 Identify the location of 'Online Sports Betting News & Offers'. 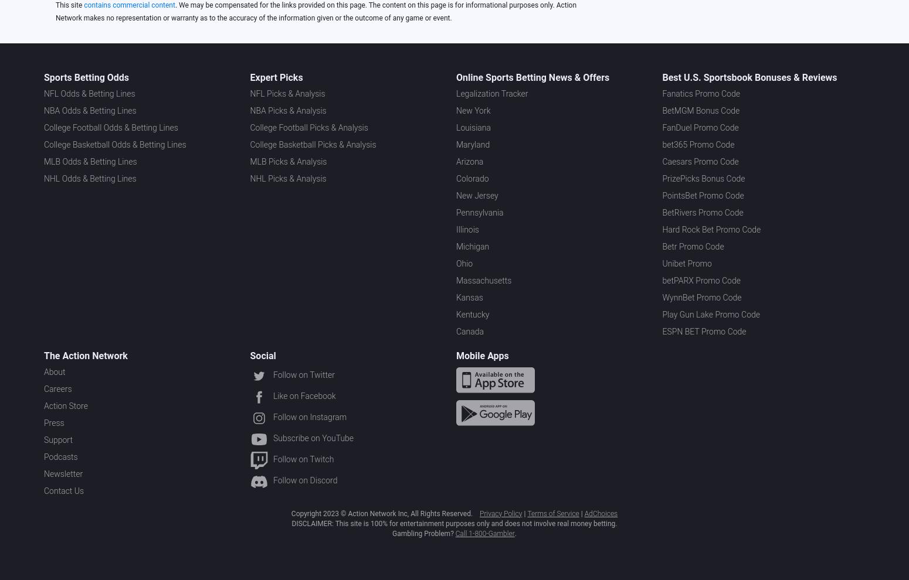
(532, 76).